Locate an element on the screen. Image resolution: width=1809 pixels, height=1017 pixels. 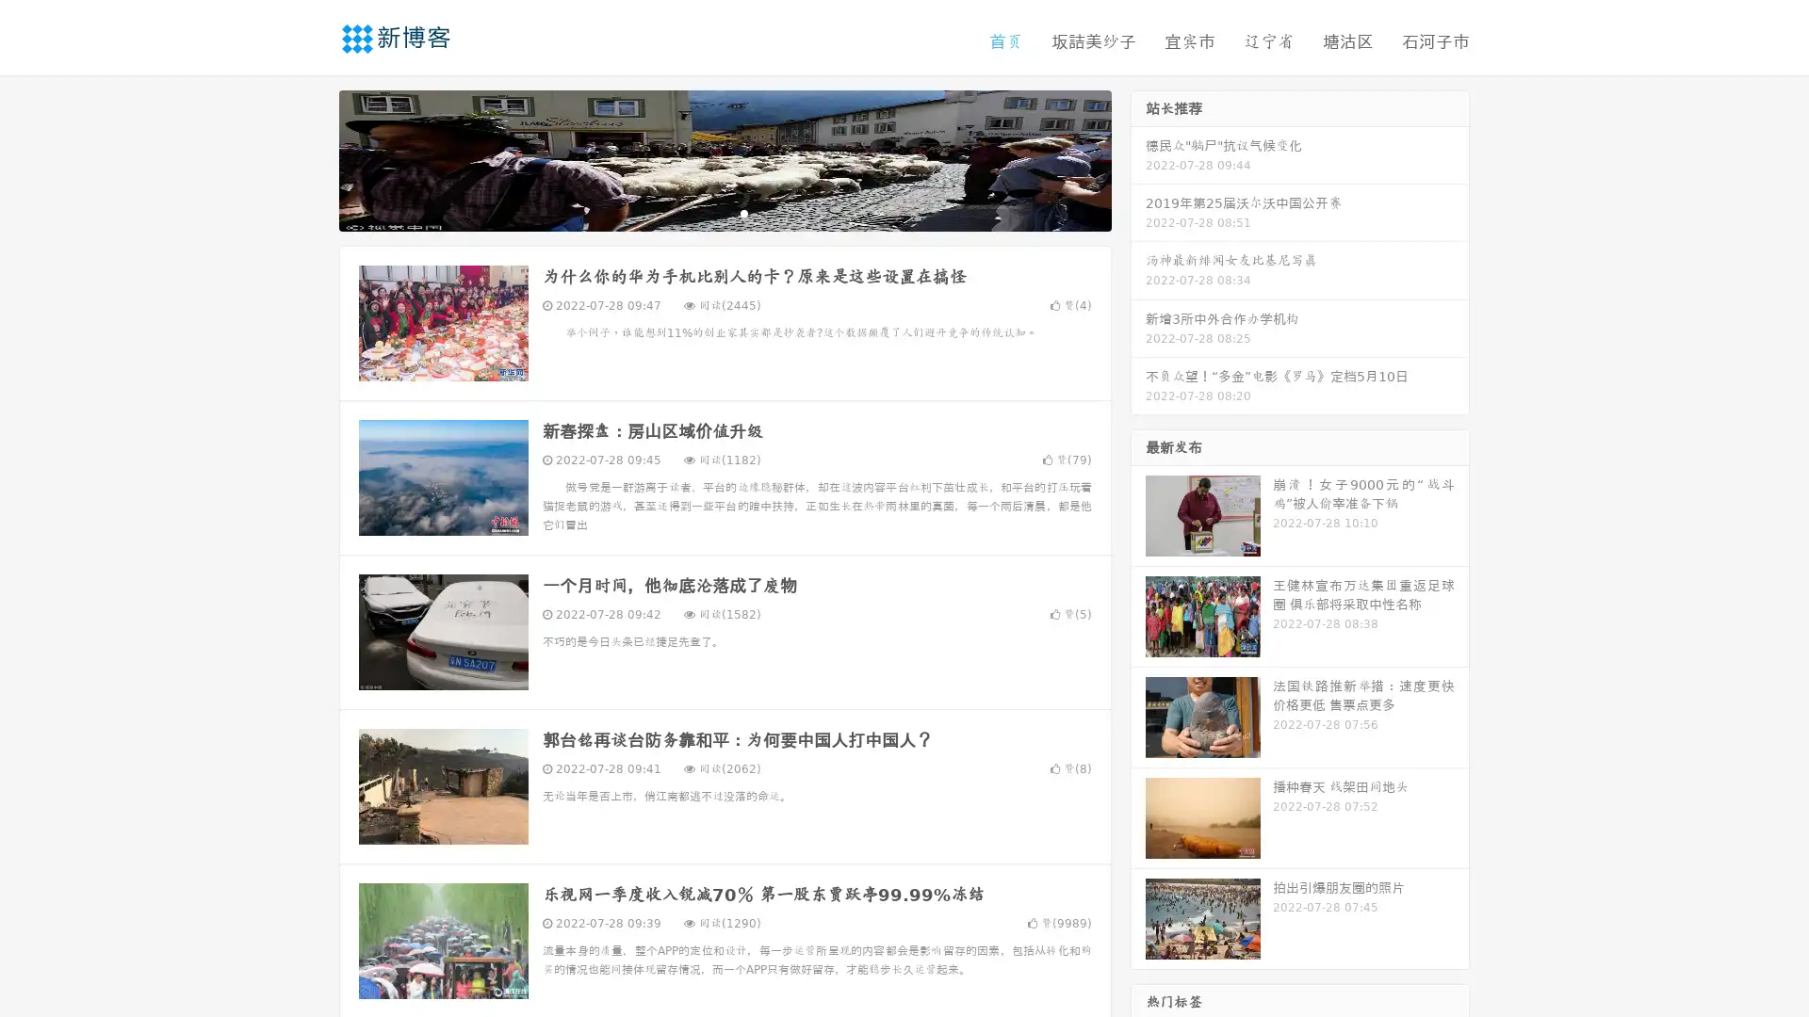
Previous slide is located at coordinates (311, 158).